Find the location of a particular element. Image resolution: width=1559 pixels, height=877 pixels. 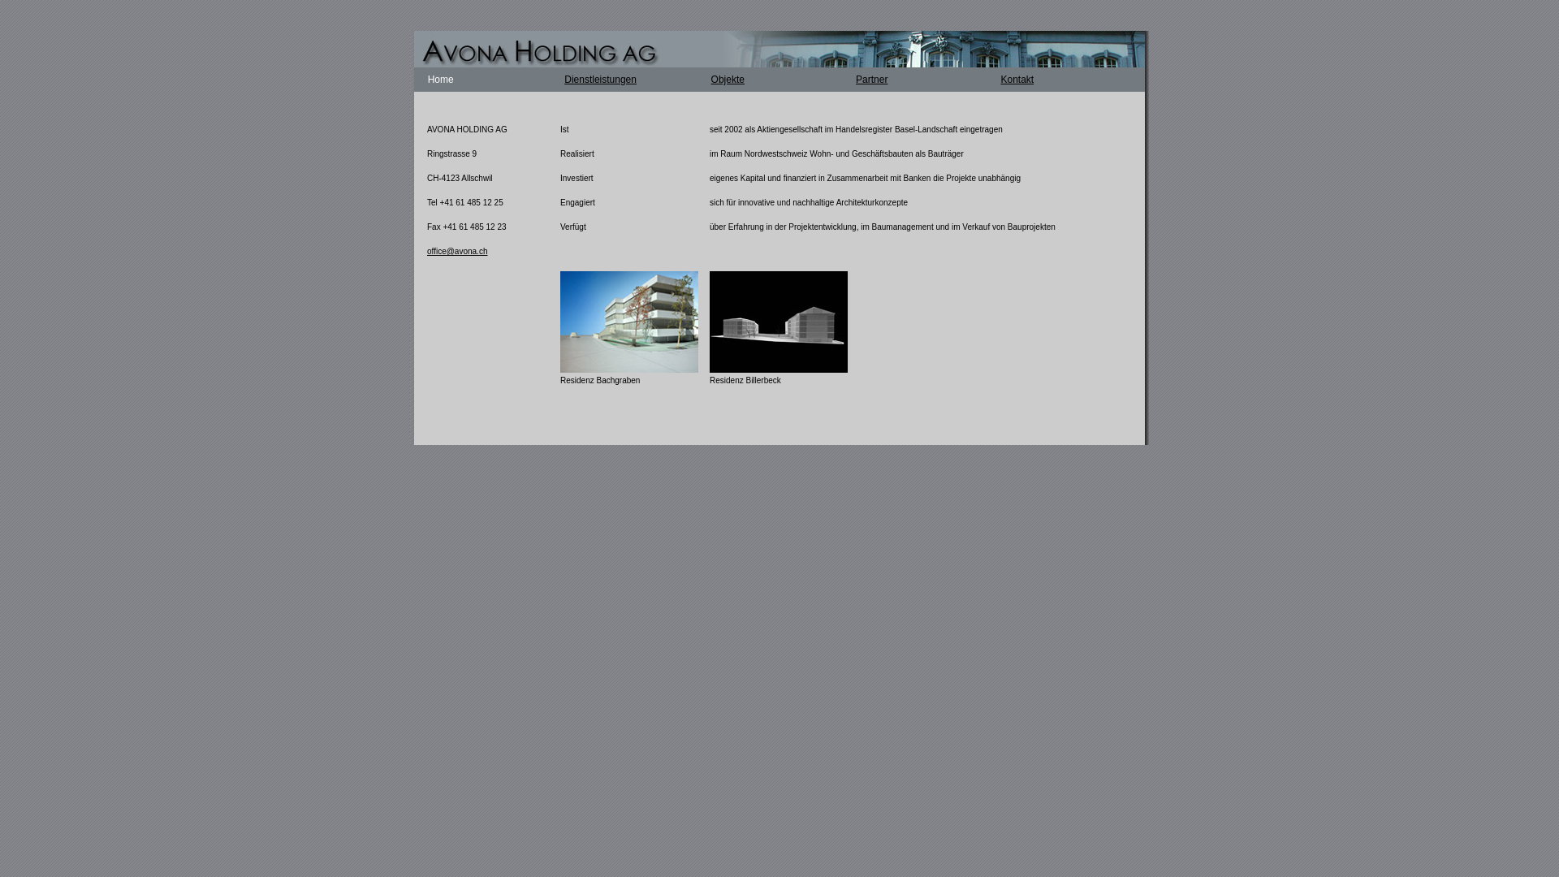

'Partner' is located at coordinates (870, 79).